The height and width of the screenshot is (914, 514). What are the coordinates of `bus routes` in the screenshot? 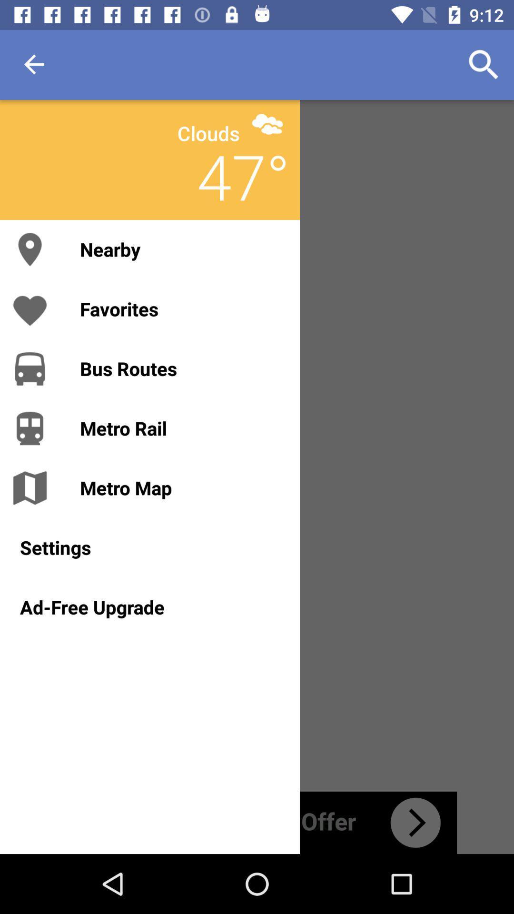 It's located at (180, 368).